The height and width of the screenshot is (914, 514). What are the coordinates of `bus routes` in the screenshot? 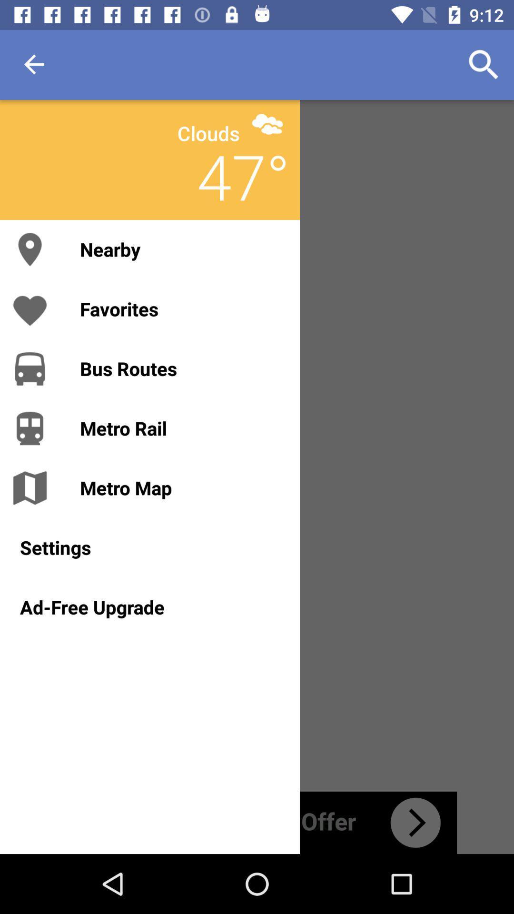 It's located at (180, 368).